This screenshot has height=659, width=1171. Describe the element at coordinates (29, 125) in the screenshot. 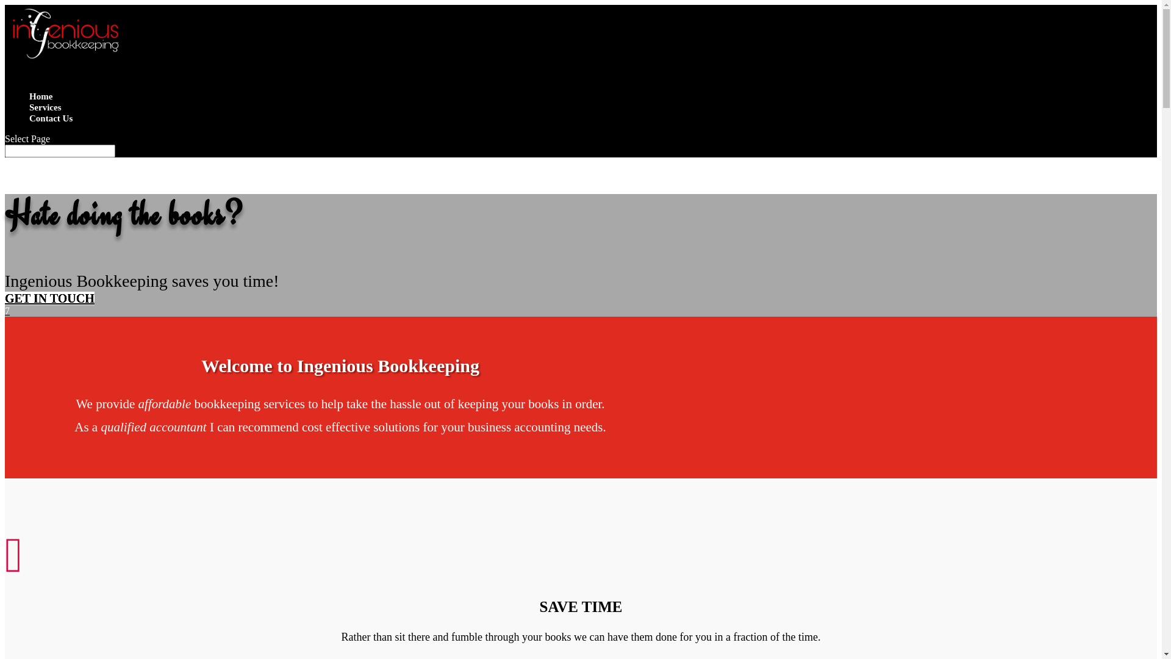

I see `'Contact Us'` at that location.